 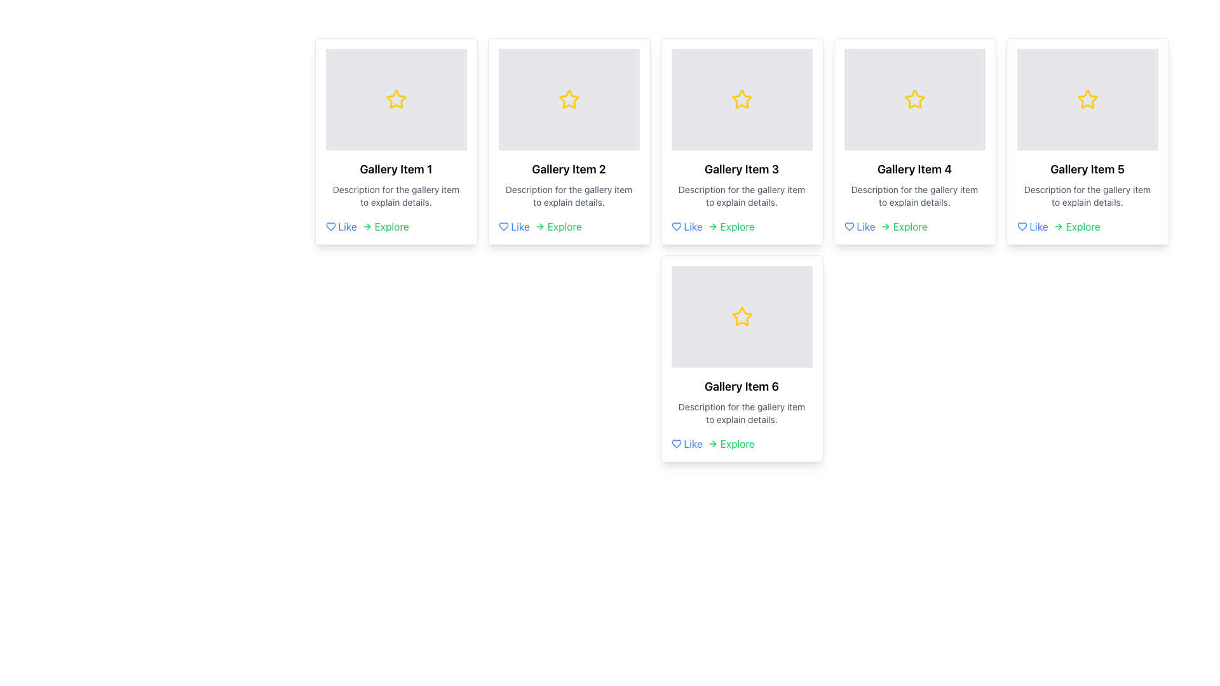 I want to click on the 'Explore' text link, which is part of the horizontal action options at the bottom right of the 'Gallery Item 2' card, so click(x=568, y=226).